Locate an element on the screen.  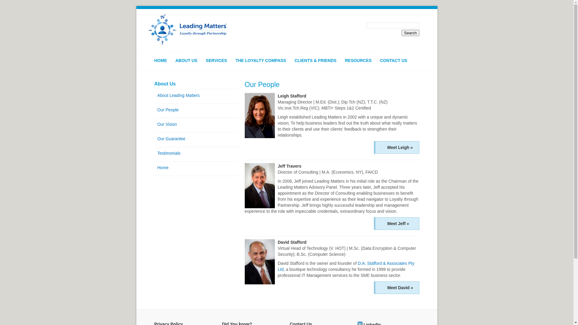
'SERVICES' is located at coordinates (219, 63).